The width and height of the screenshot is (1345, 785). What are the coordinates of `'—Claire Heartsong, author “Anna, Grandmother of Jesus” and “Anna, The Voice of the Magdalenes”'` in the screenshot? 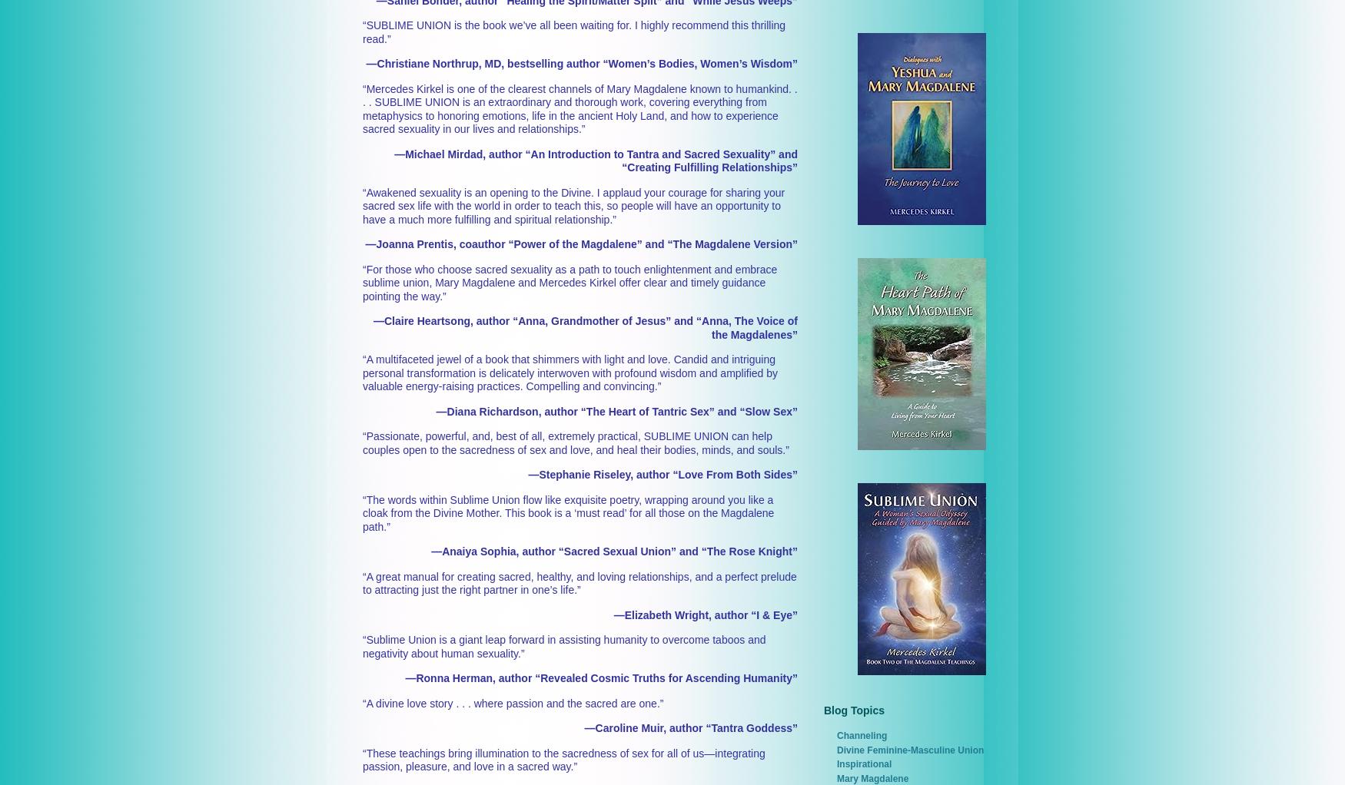 It's located at (584, 327).